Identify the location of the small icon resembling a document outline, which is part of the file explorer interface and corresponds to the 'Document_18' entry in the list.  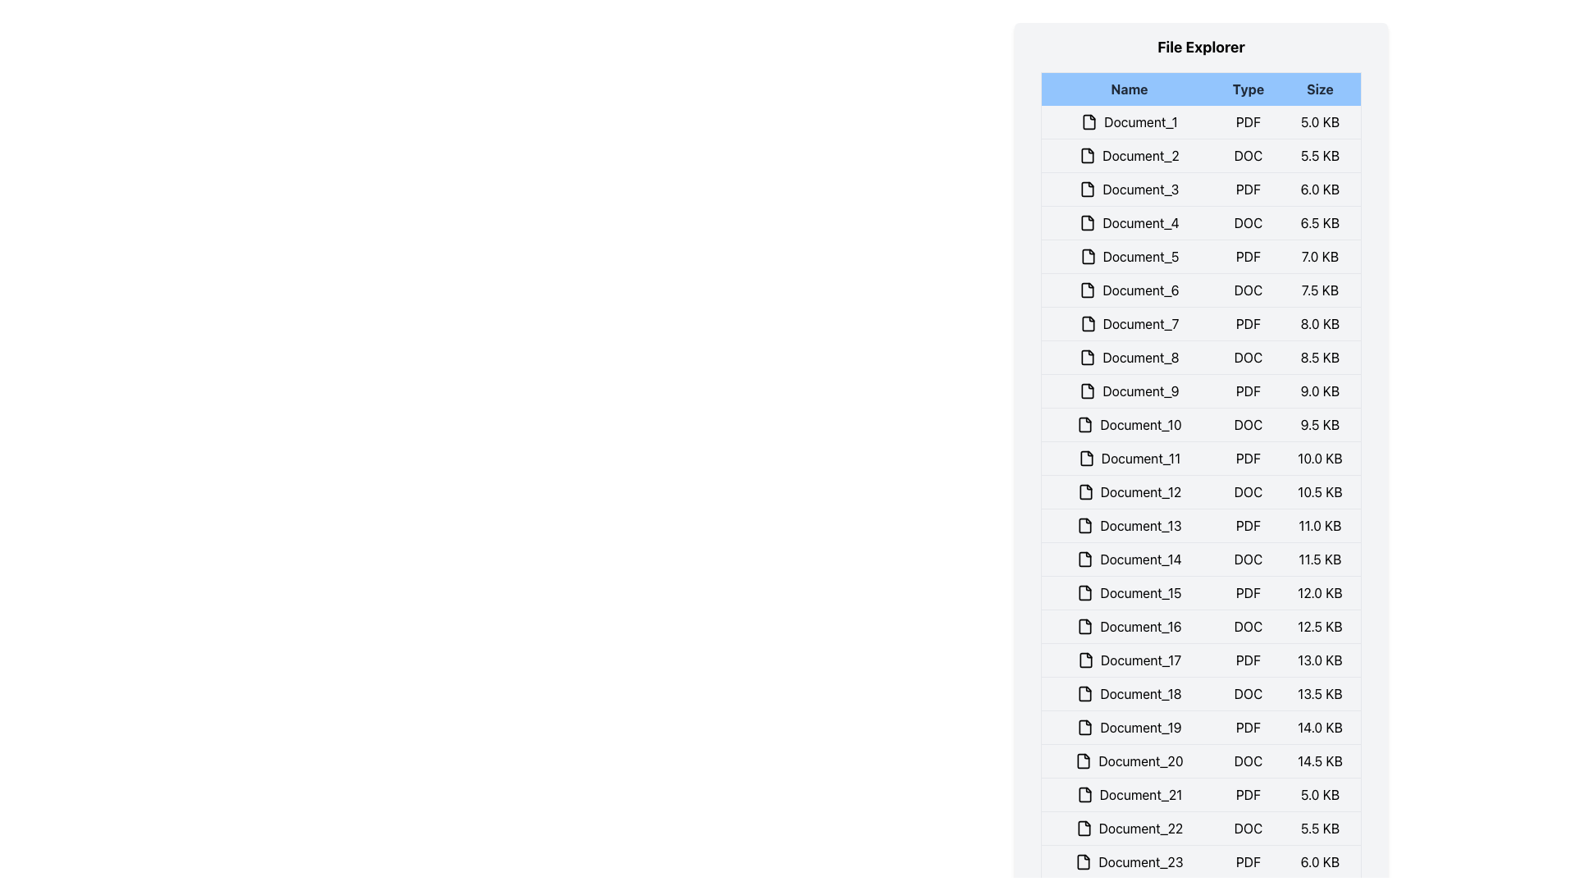
(1085, 693).